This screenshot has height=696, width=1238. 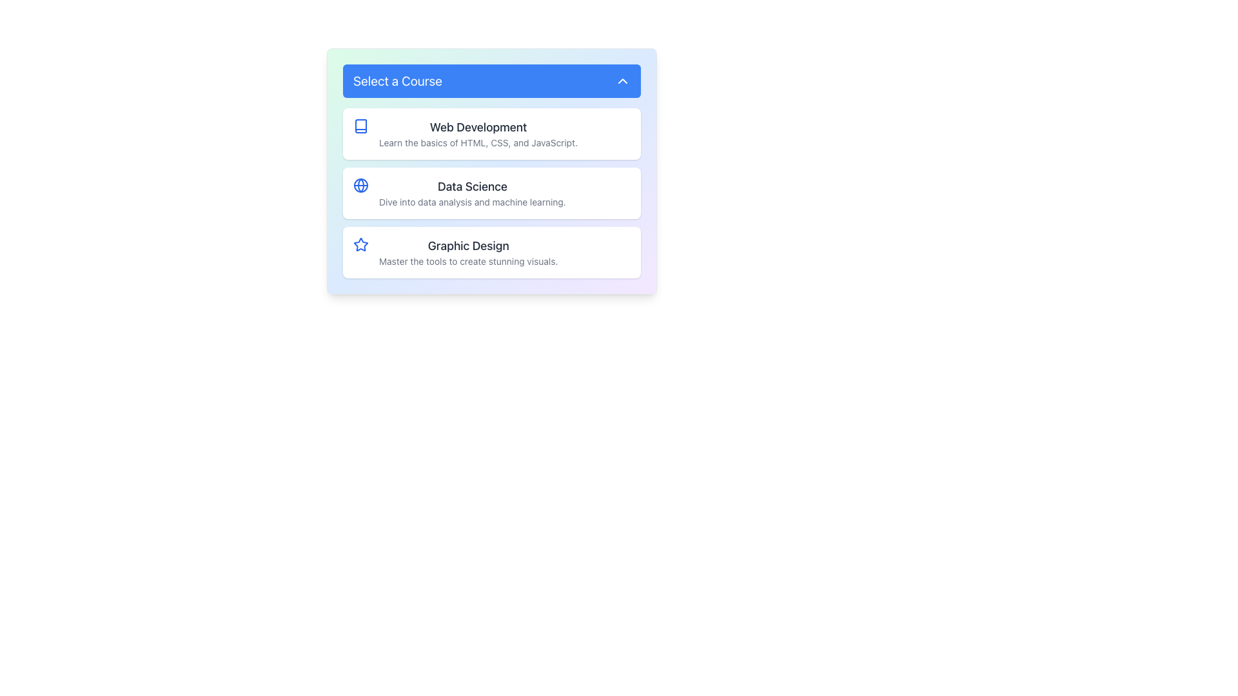 What do you see at coordinates (361, 126) in the screenshot?
I see `the book-shaped icon located to the left of the 'Web Development' text` at bounding box center [361, 126].